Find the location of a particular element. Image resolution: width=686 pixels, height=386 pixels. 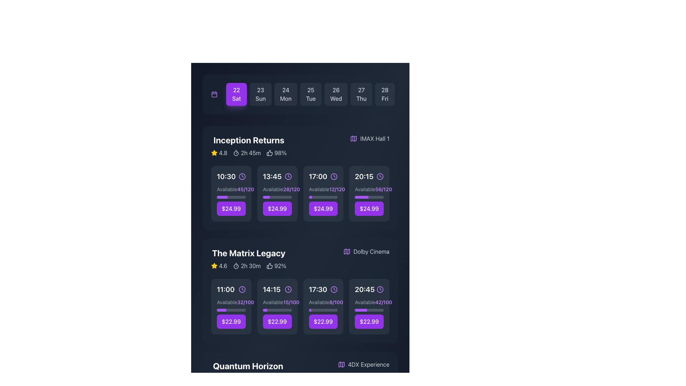

the timer icon located to the left of the text '2h 45m', which indicates the duration of the movie, directly below the rating '4.8' is located at coordinates (236, 153).